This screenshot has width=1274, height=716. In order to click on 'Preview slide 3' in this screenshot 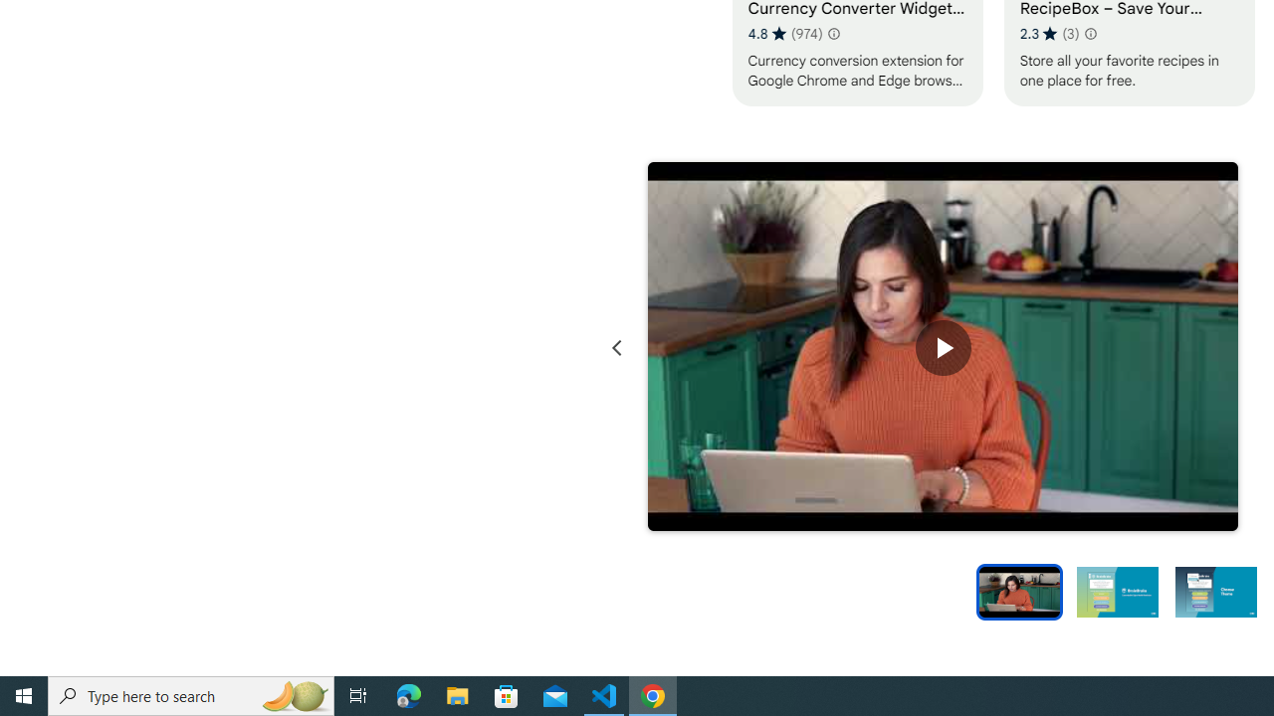, I will do `click(1215, 590)`.